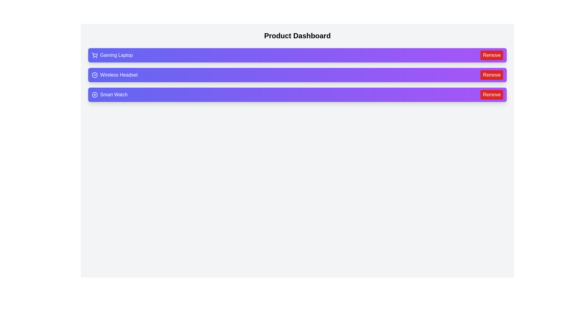 The width and height of the screenshot is (574, 323). Describe the element at coordinates (297, 74) in the screenshot. I see `the product chip labeled 'Wireless Headset' to observe the hover animation effect` at that location.